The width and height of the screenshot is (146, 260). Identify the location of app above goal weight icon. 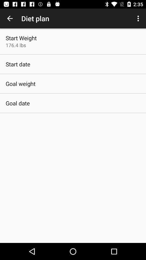
(18, 64).